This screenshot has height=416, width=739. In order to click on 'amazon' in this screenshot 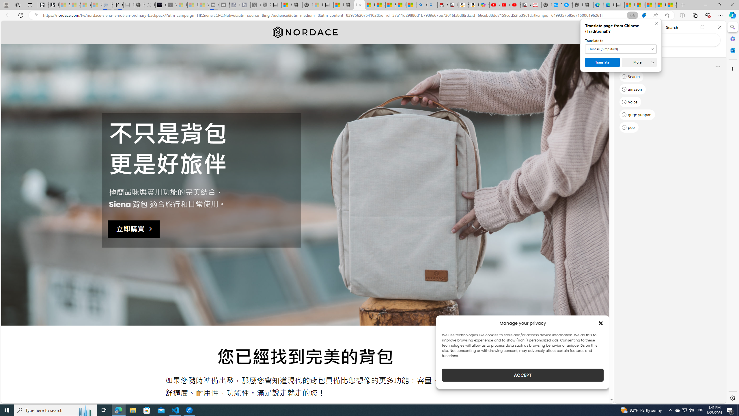, I will do `click(632, 89)`.